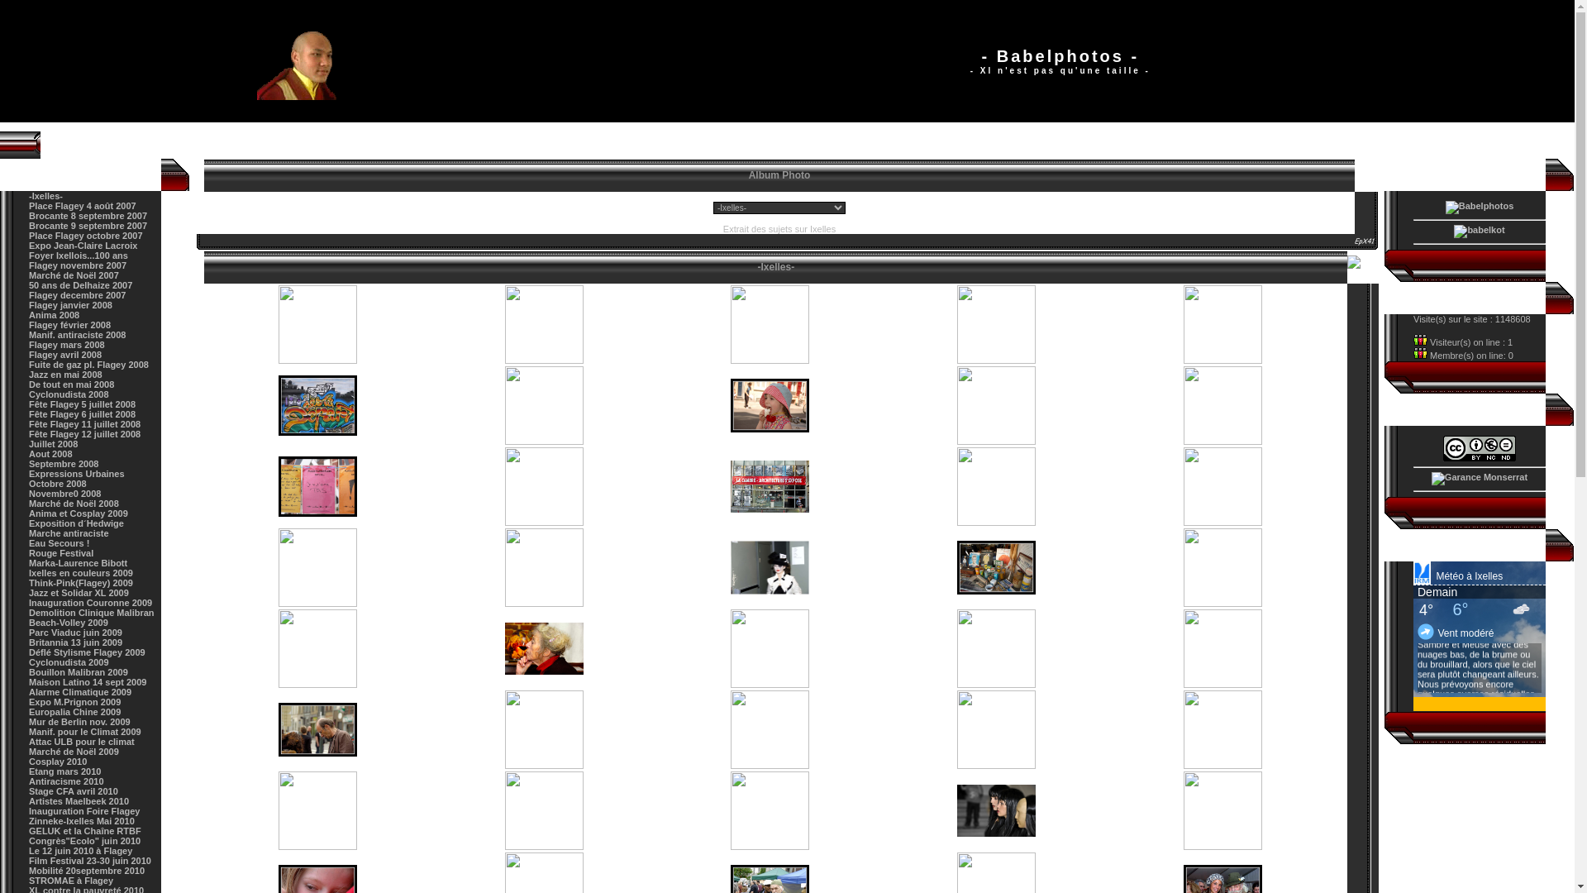  Describe the element at coordinates (79, 572) in the screenshot. I see `'Ixelles en couleurs 2009'` at that location.